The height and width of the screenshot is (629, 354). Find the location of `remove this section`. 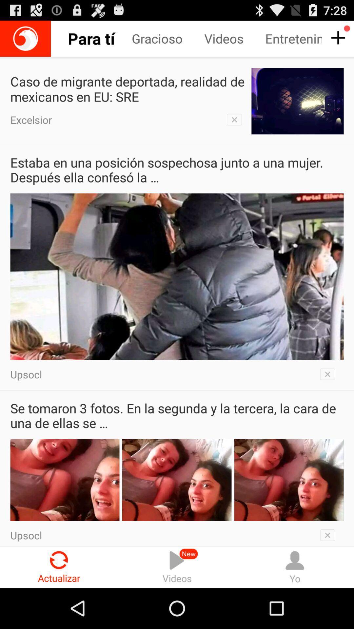

remove this section is located at coordinates (329, 533).